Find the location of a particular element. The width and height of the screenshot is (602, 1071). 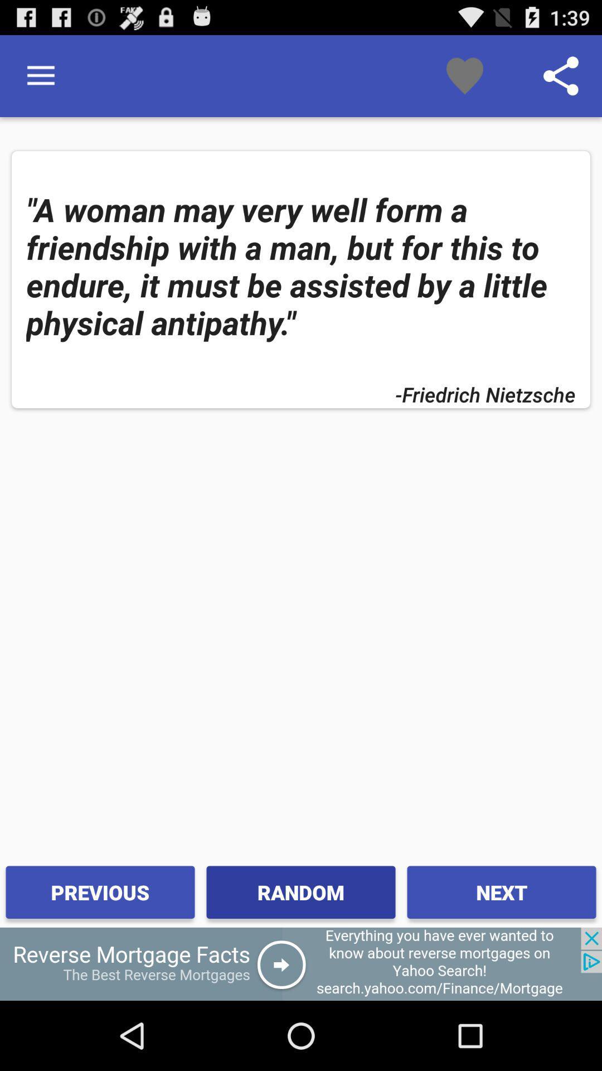

advertisement is located at coordinates (301, 963).